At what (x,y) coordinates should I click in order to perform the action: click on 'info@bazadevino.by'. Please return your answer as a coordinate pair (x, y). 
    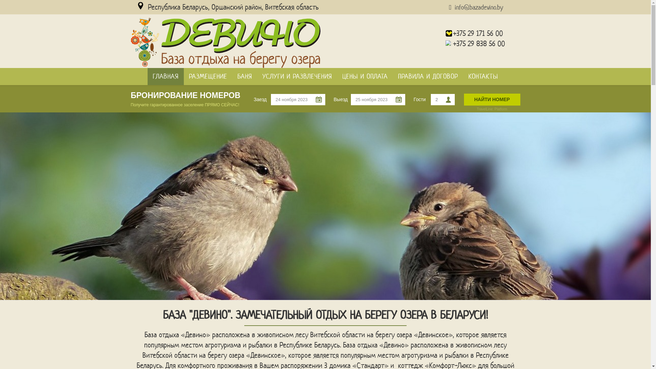
    Looking at the image, I should click on (478, 7).